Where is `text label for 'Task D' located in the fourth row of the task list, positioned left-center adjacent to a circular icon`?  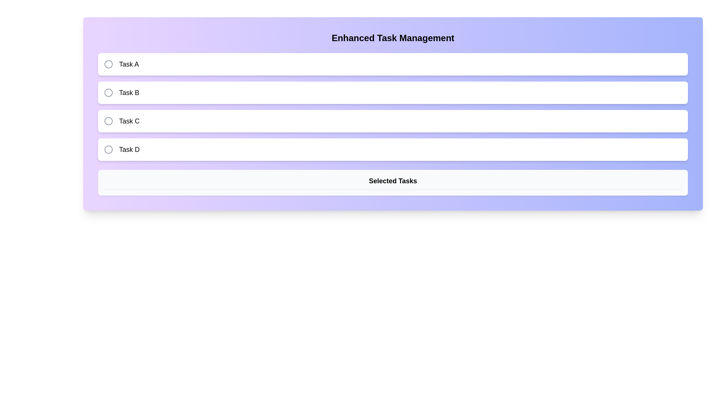 text label for 'Task D' located in the fourth row of the task list, positioned left-center adjacent to a circular icon is located at coordinates (129, 150).